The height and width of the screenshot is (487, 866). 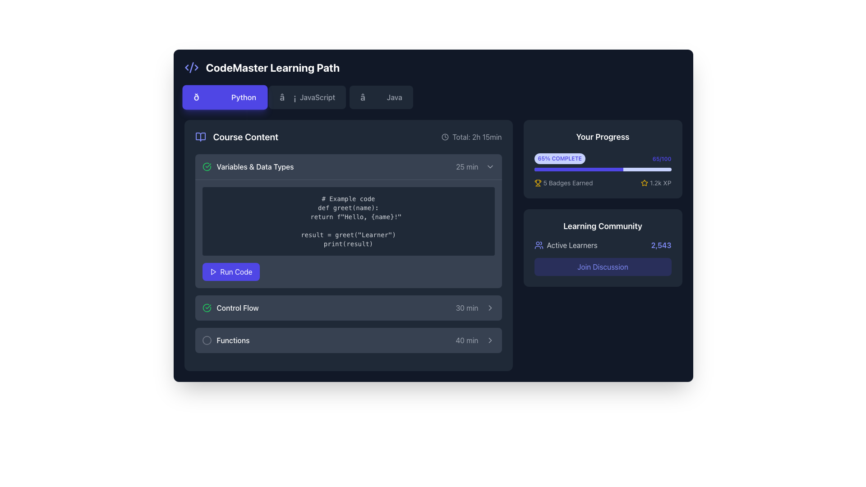 I want to click on the horizontally elongated rectangular bar with a dark gray background labeled 'Functions' in the Course Content section, so click(x=348, y=340).